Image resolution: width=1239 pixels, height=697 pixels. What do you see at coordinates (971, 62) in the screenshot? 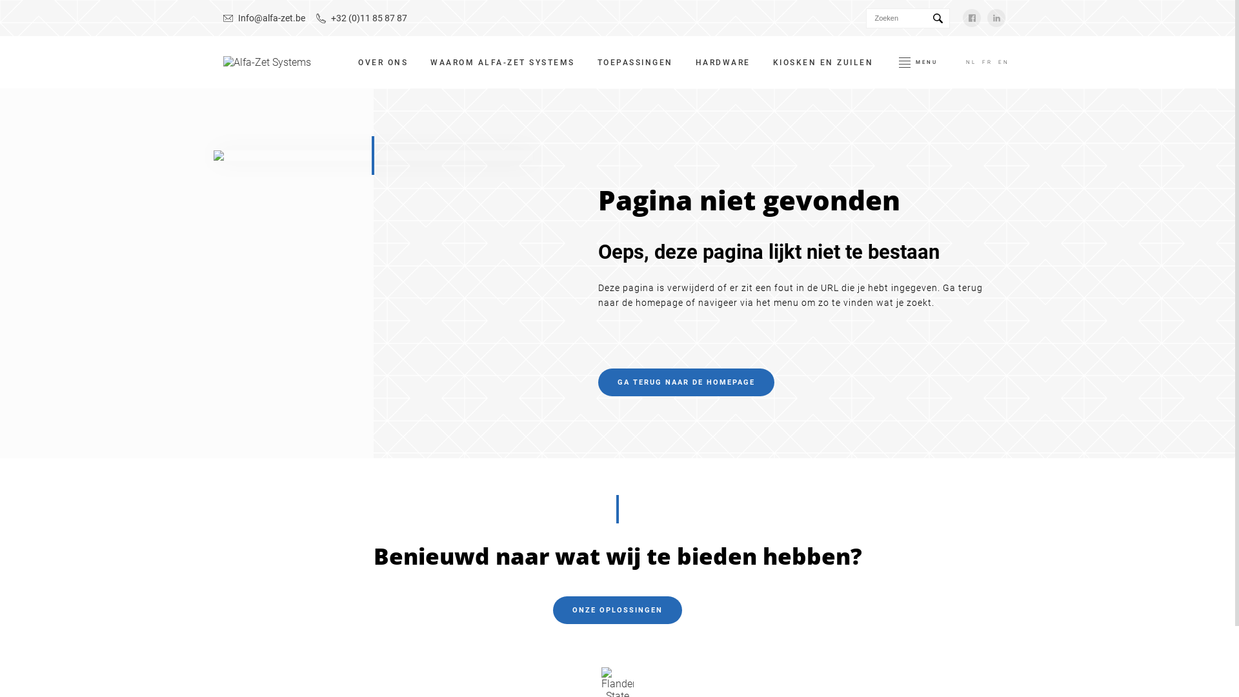
I see `'NL'` at bounding box center [971, 62].